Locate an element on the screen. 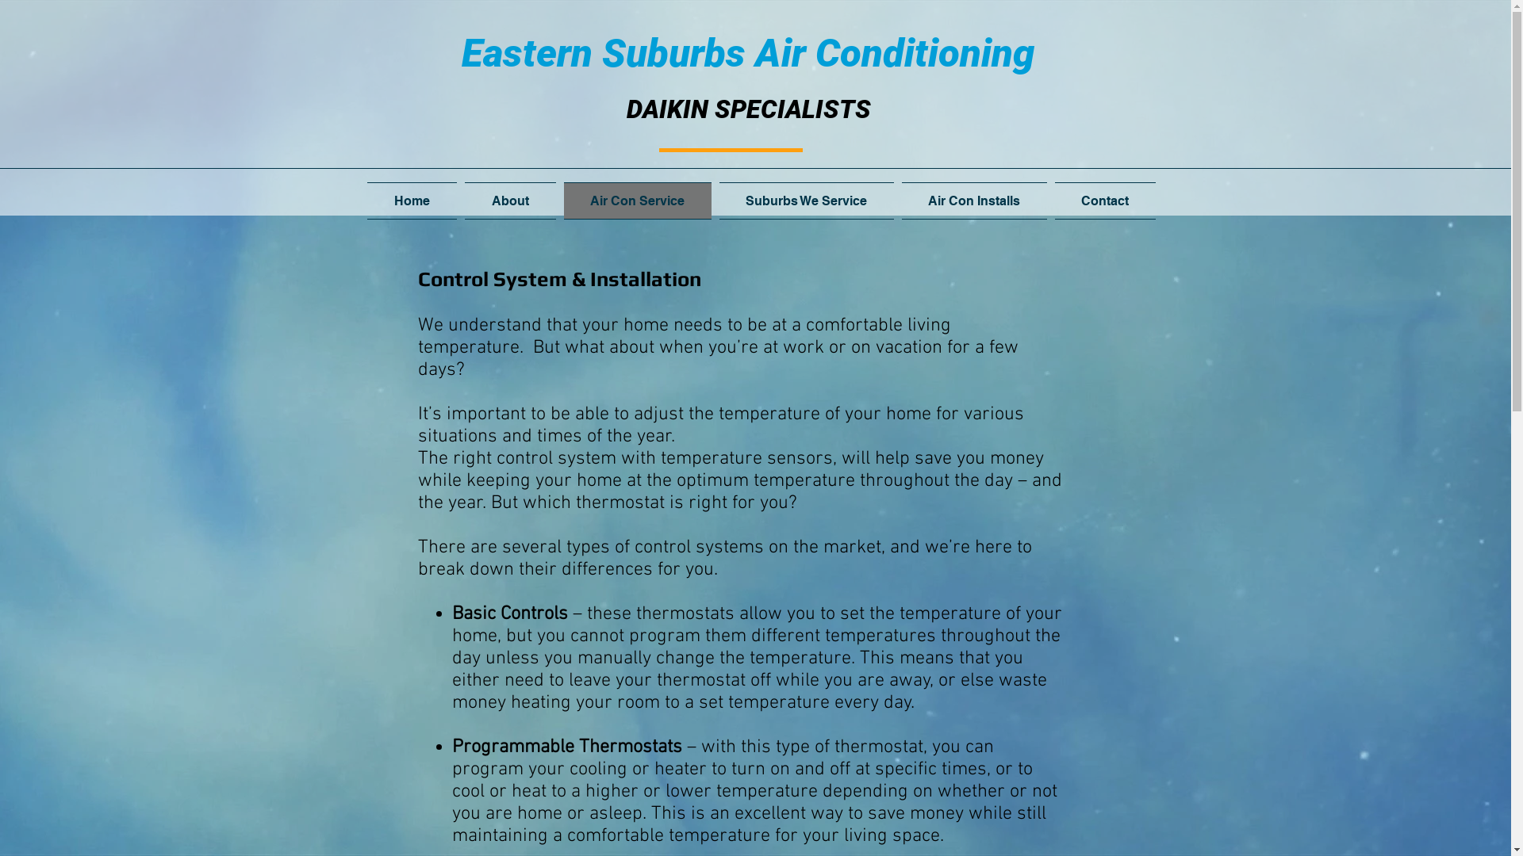 This screenshot has height=856, width=1523. 'Air Con Service' is located at coordinates (638, 200).